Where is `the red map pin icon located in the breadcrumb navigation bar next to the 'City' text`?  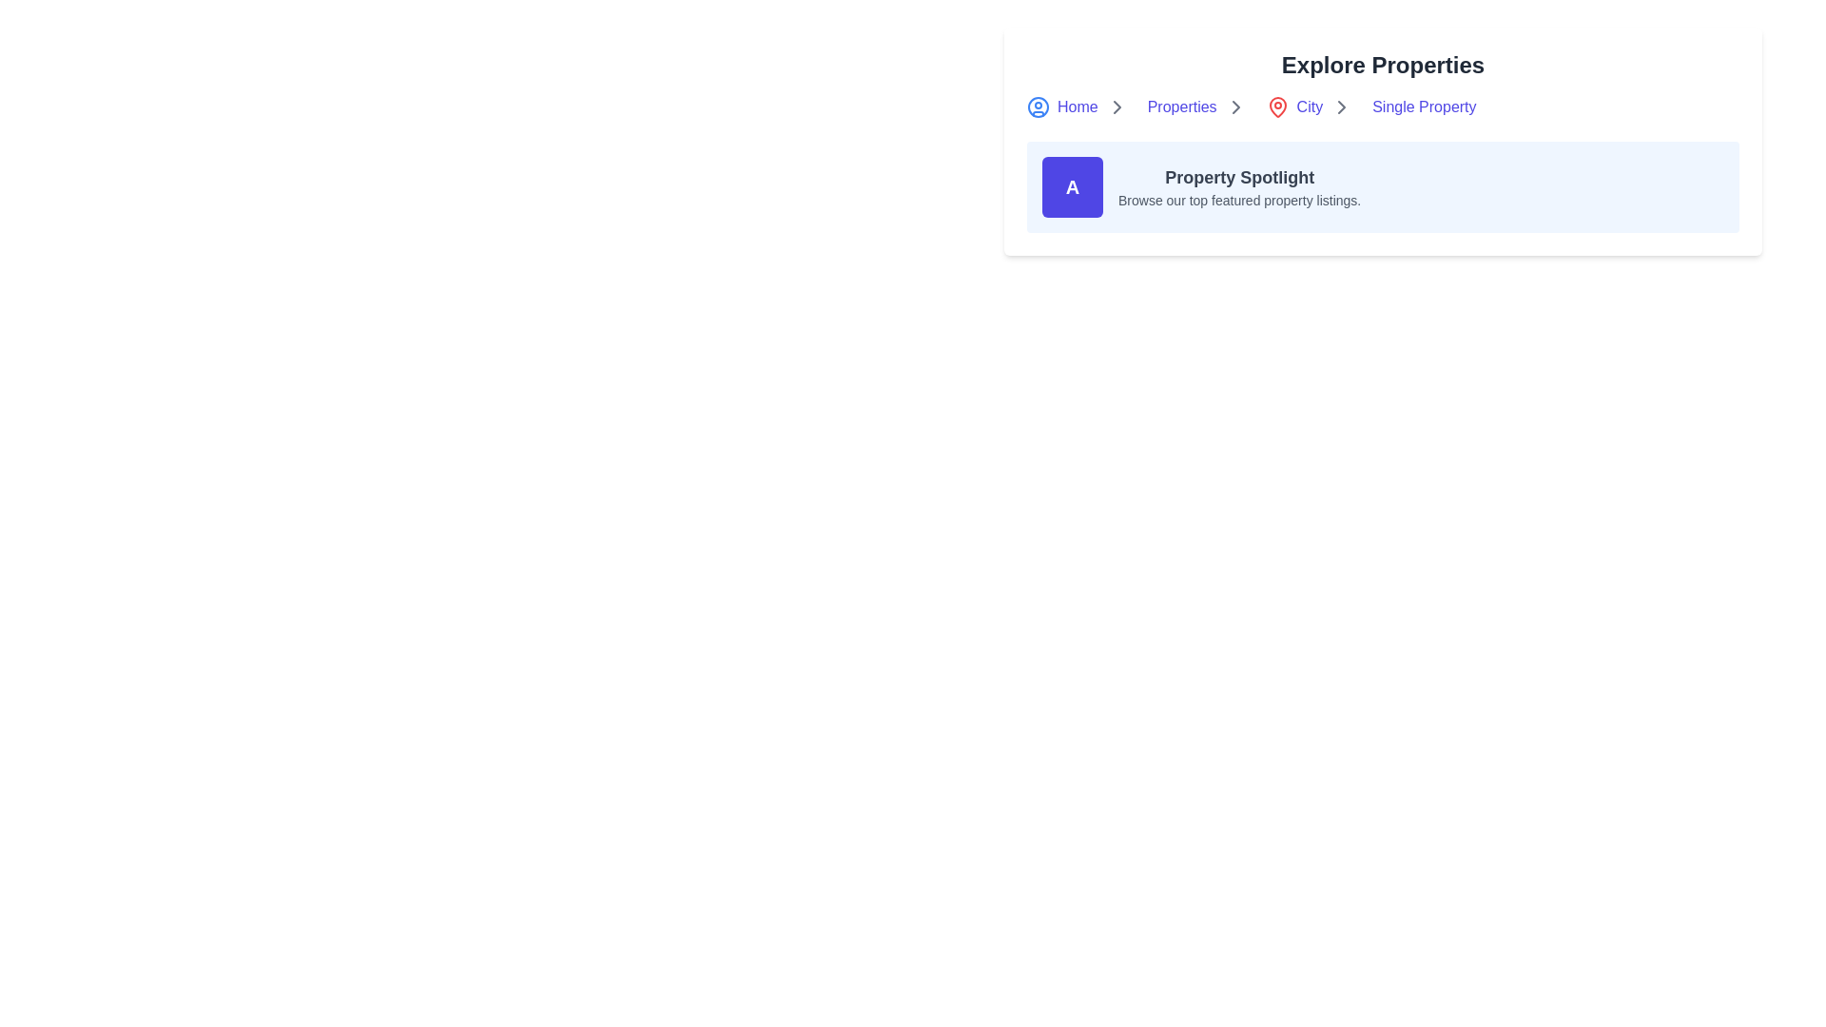 the red map pin icon located in the breadcrumb navigation bar next to the 'City' text is located at coordinates (1277, 107).